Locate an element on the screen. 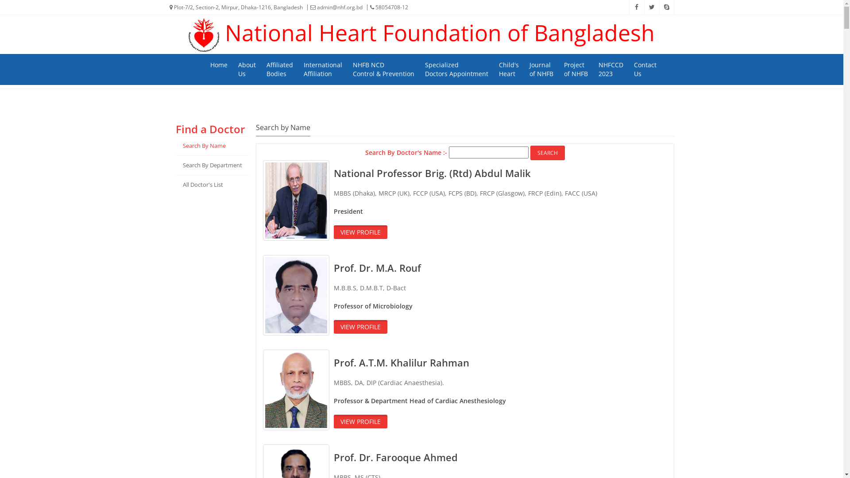 Image resolution: width=850 pixels, height=478 pixels. 'NHFCCD is located at coordinates (610, 69).